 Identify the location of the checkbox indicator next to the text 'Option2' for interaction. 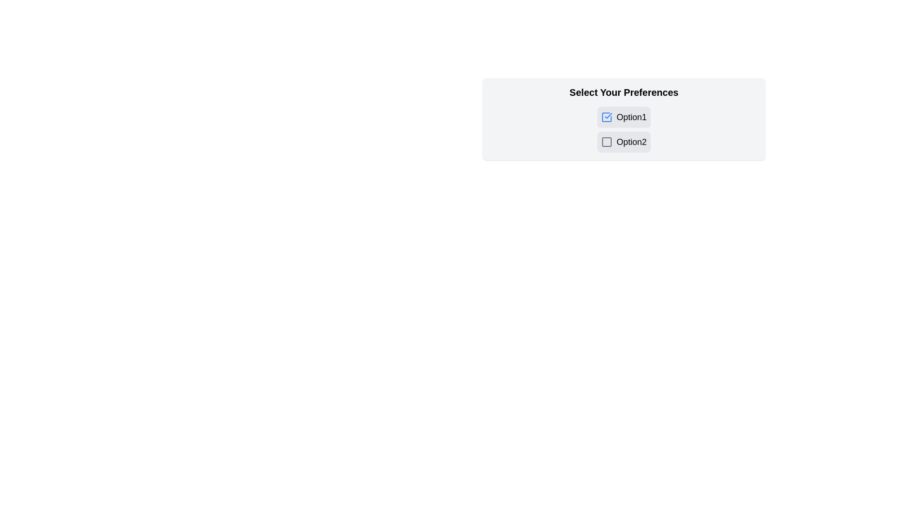
(606, 142).